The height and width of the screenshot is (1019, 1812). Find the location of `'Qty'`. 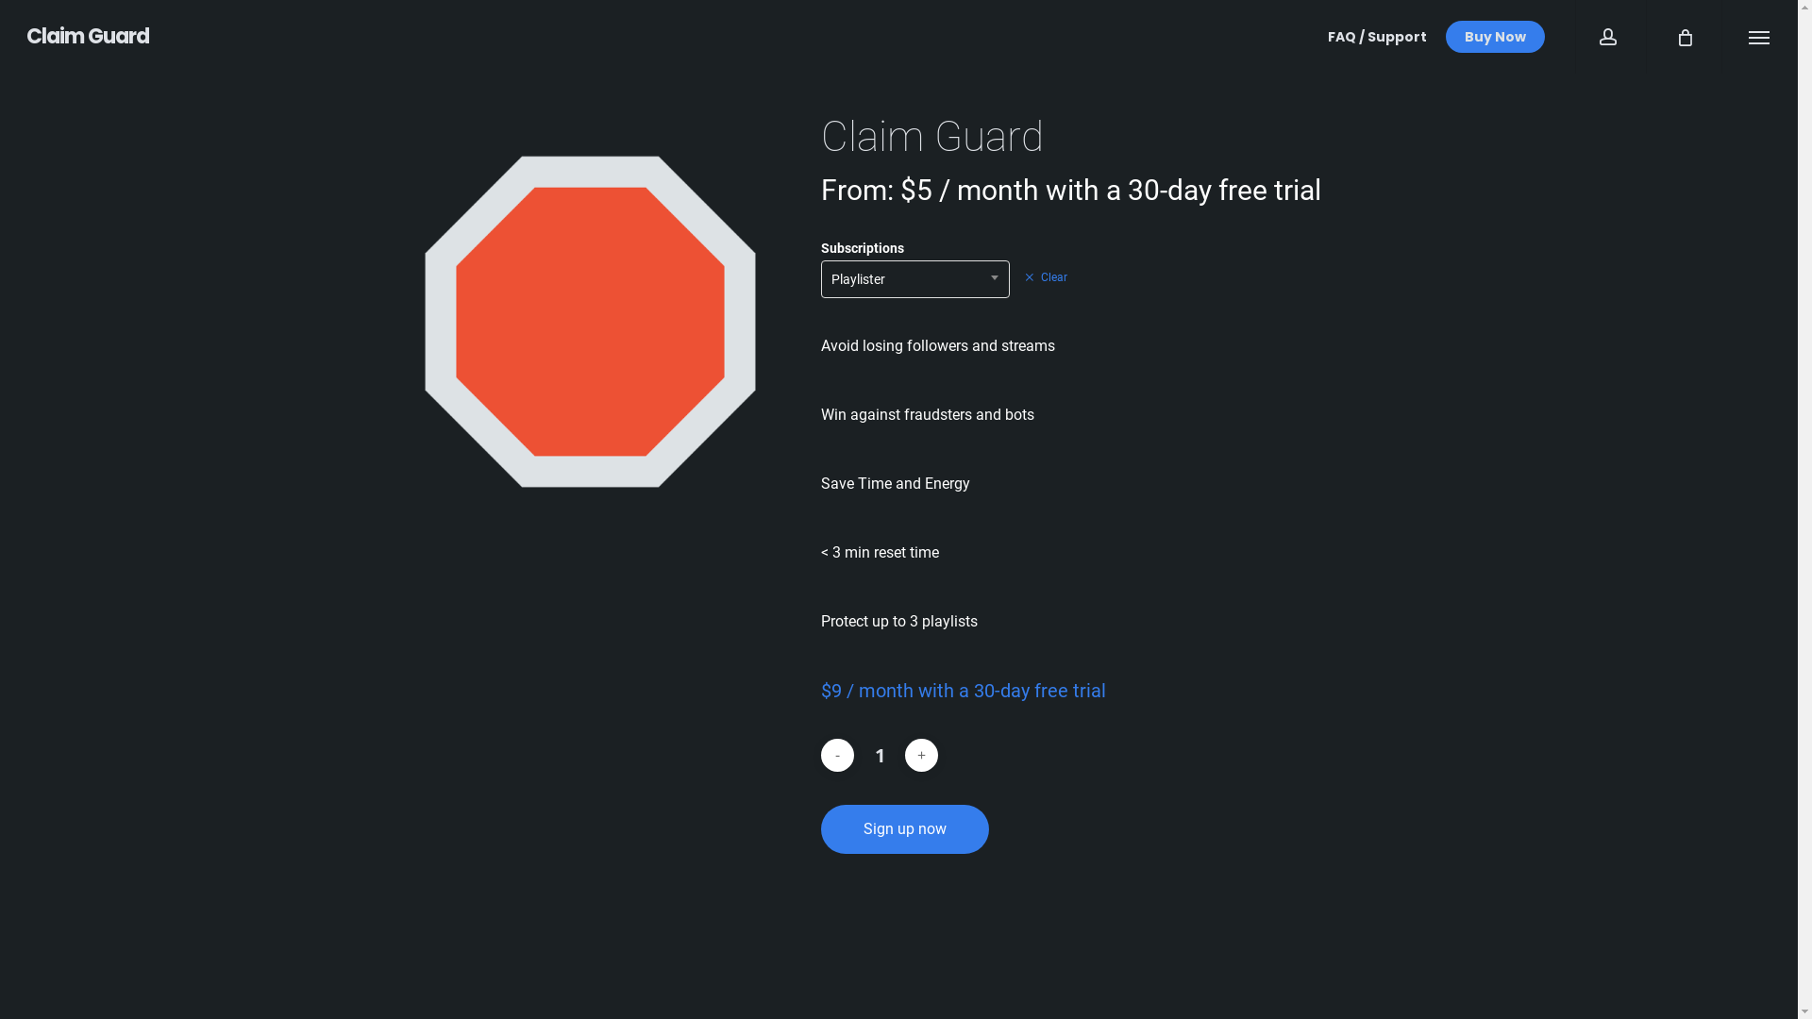

'Qty' is located at coordinates (878, 753).